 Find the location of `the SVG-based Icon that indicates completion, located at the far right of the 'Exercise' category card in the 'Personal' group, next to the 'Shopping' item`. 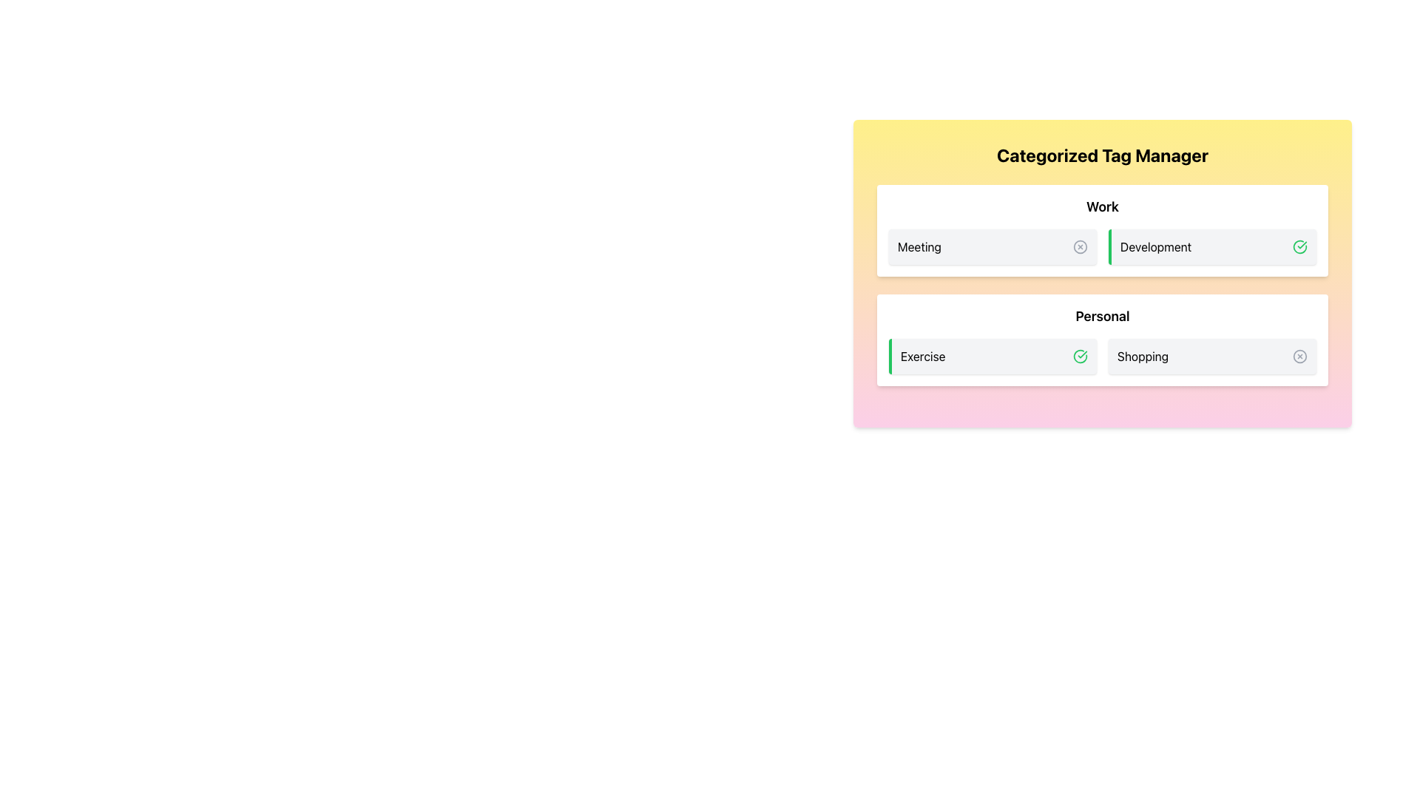

the SVG-based Icon that indicates completion, located at the far right of the 'Exercise' category card in the 'Personal' group, next to the 'Shopping' item is located at coordinates (1080, 357).